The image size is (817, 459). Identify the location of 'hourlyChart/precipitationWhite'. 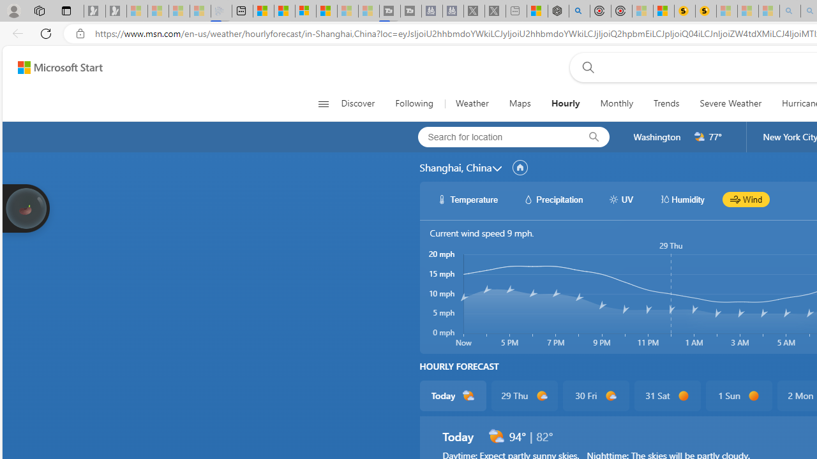
(528, 199).